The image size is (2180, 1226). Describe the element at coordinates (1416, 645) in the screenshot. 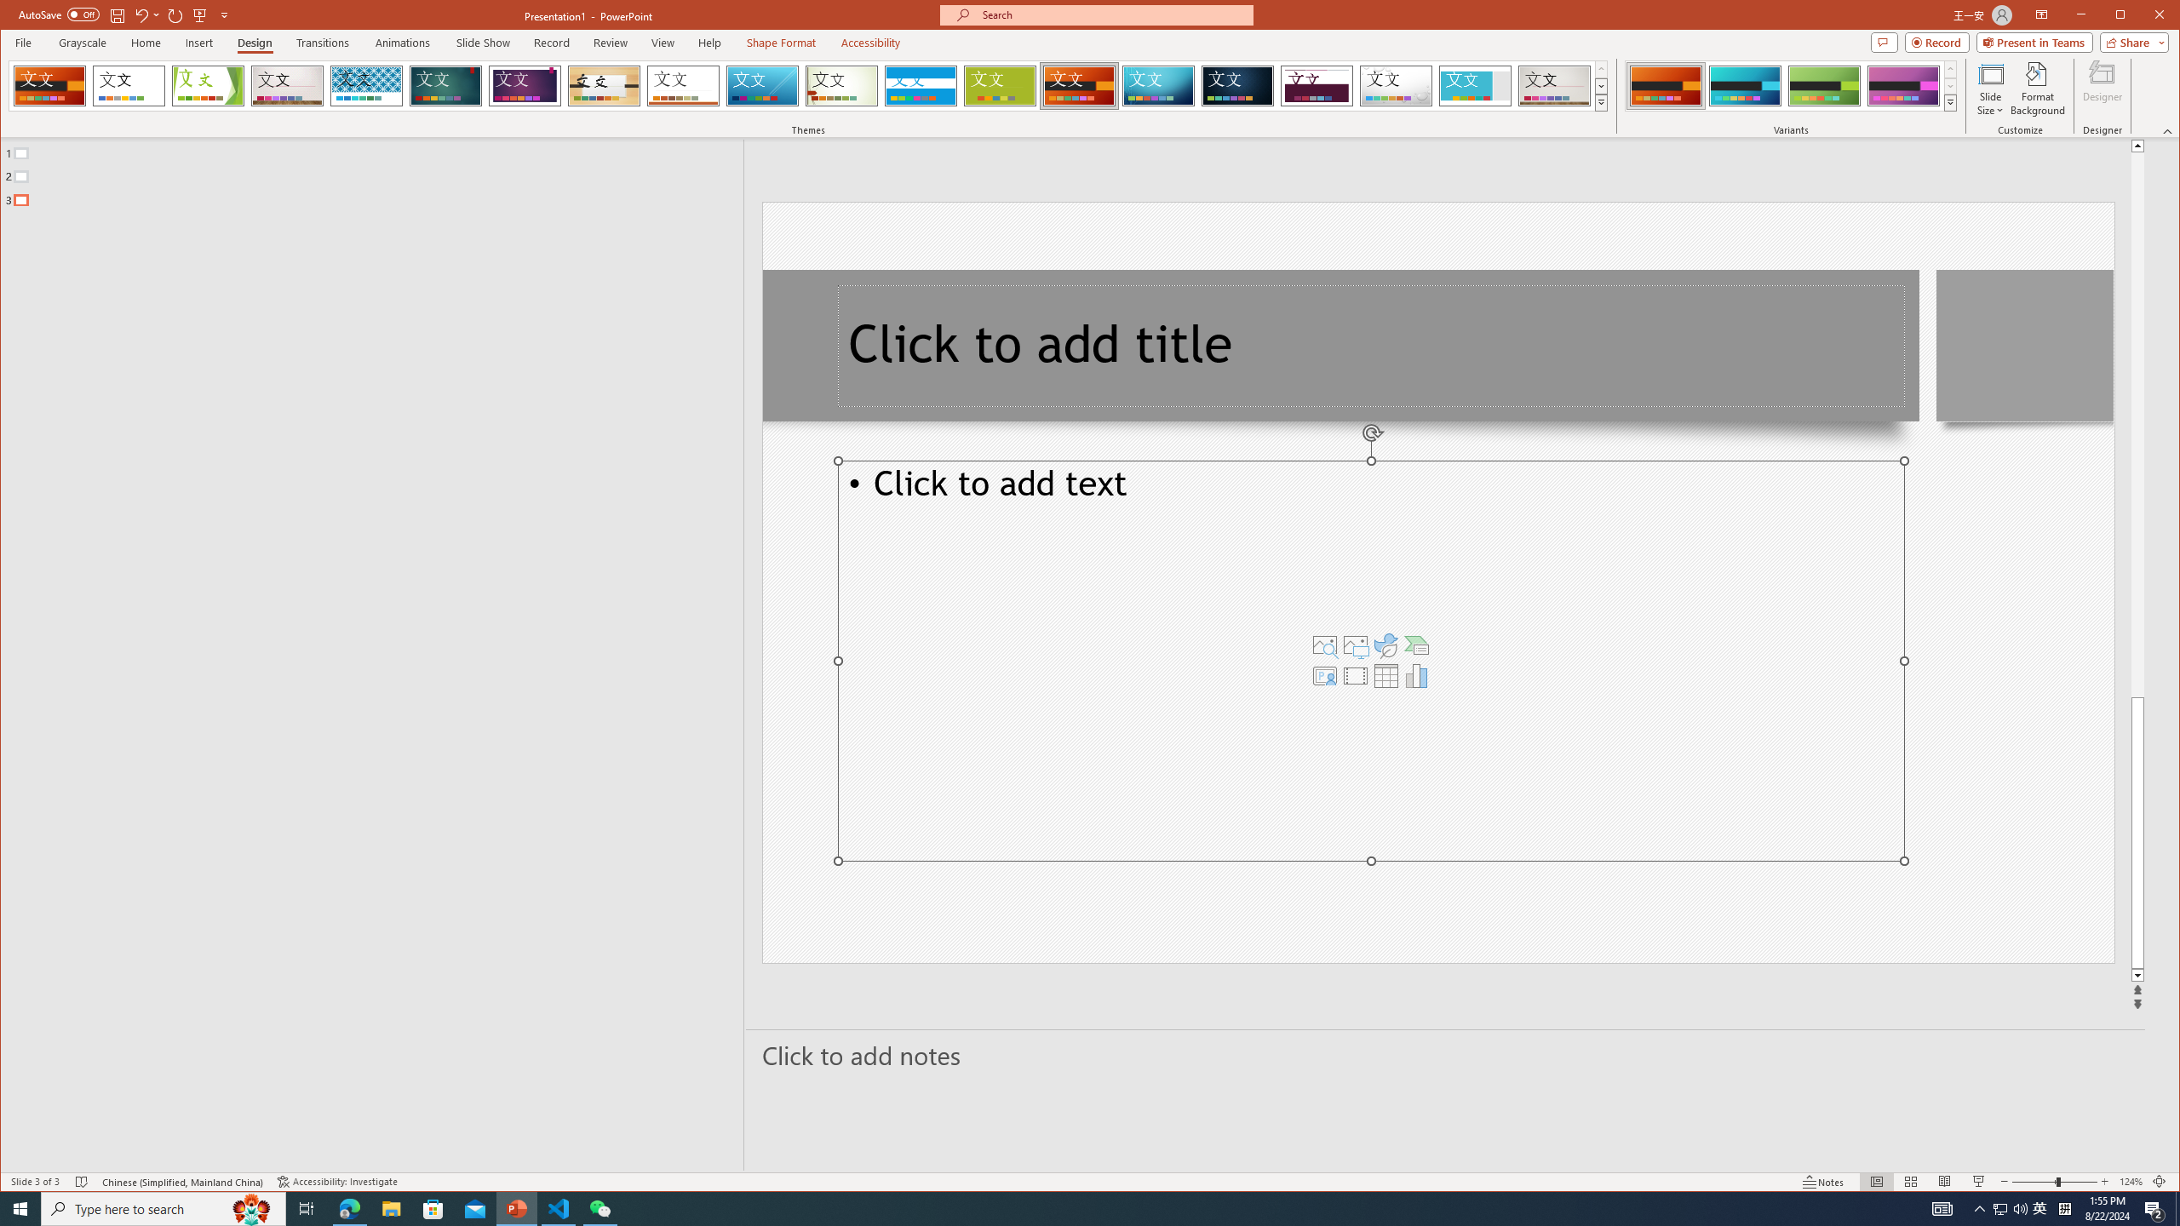

I see `'Insert a SmartArt Graphic'` at that location.